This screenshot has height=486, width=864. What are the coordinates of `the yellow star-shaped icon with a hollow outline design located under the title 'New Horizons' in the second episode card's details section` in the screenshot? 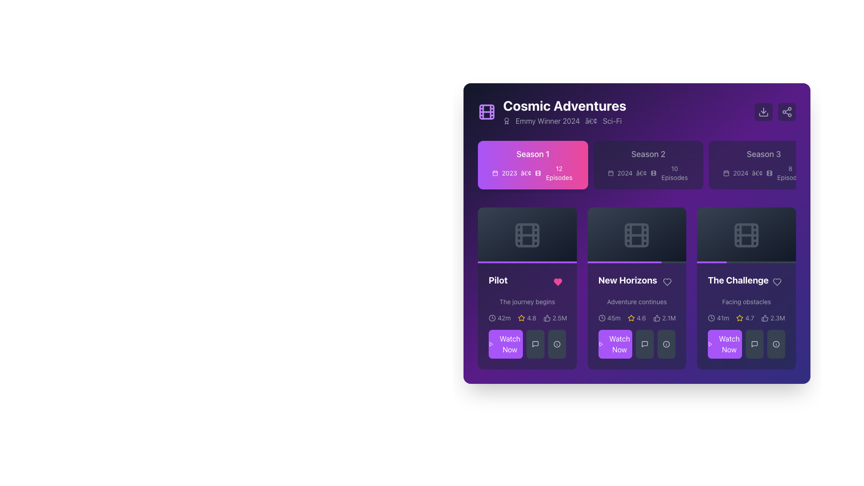 It's located at (740, 317).